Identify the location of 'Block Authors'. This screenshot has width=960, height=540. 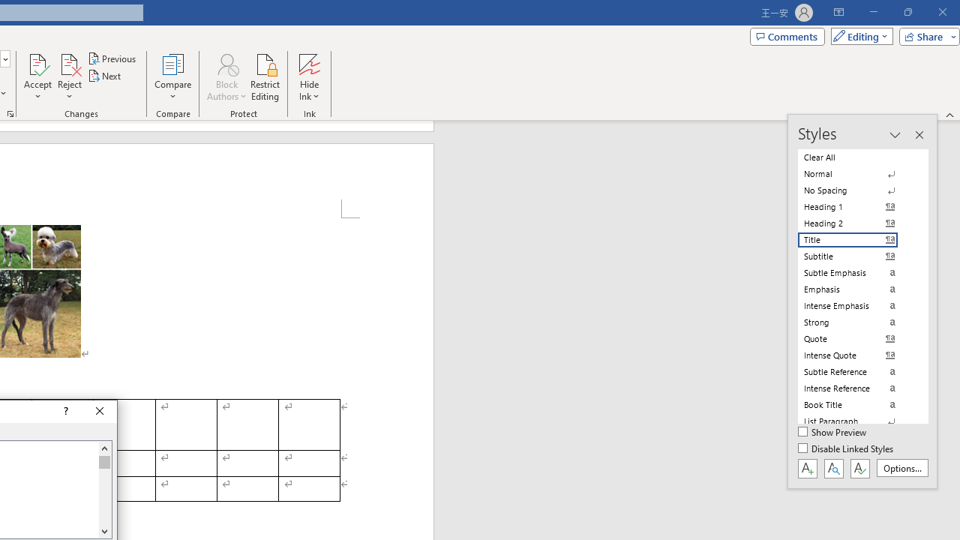
(226, 77).